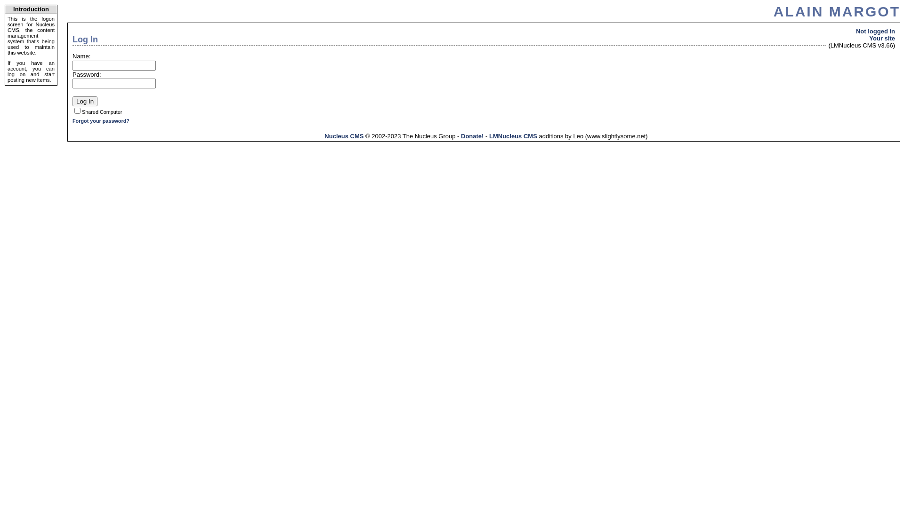 This screenshot has height=508, width=904. What do you see at coordinates (472, 136) in the screenshot?
I see `'Donate!'` at bounding box center [472, 136].